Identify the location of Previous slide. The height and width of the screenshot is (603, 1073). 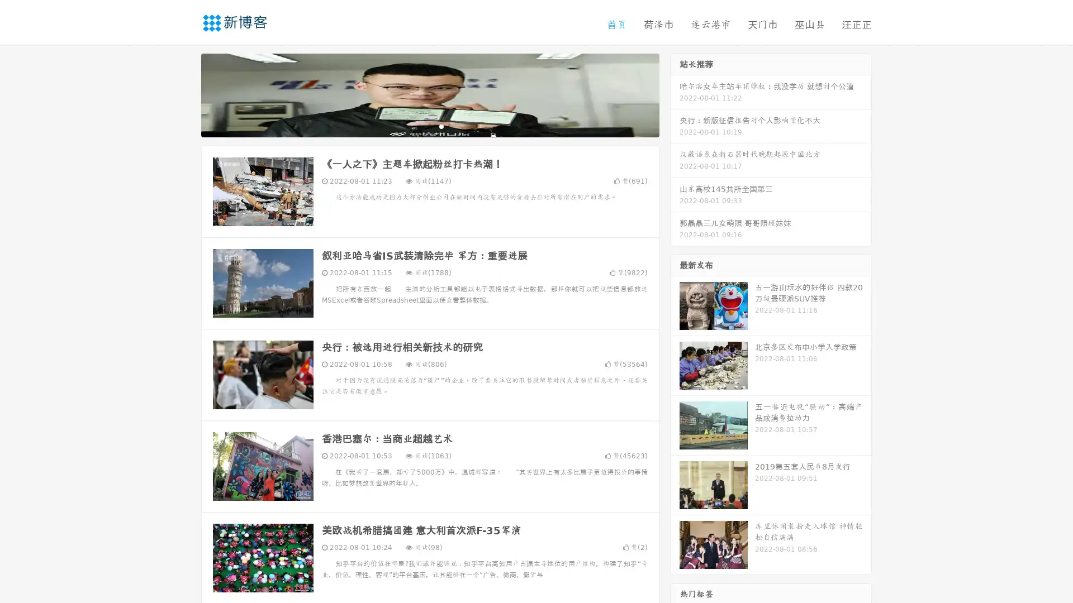
(184, 94).